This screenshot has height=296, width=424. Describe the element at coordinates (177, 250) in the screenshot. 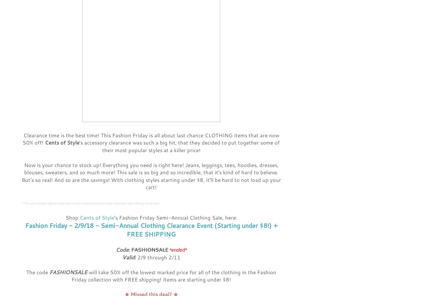

I see `'*ended*'` at that location.